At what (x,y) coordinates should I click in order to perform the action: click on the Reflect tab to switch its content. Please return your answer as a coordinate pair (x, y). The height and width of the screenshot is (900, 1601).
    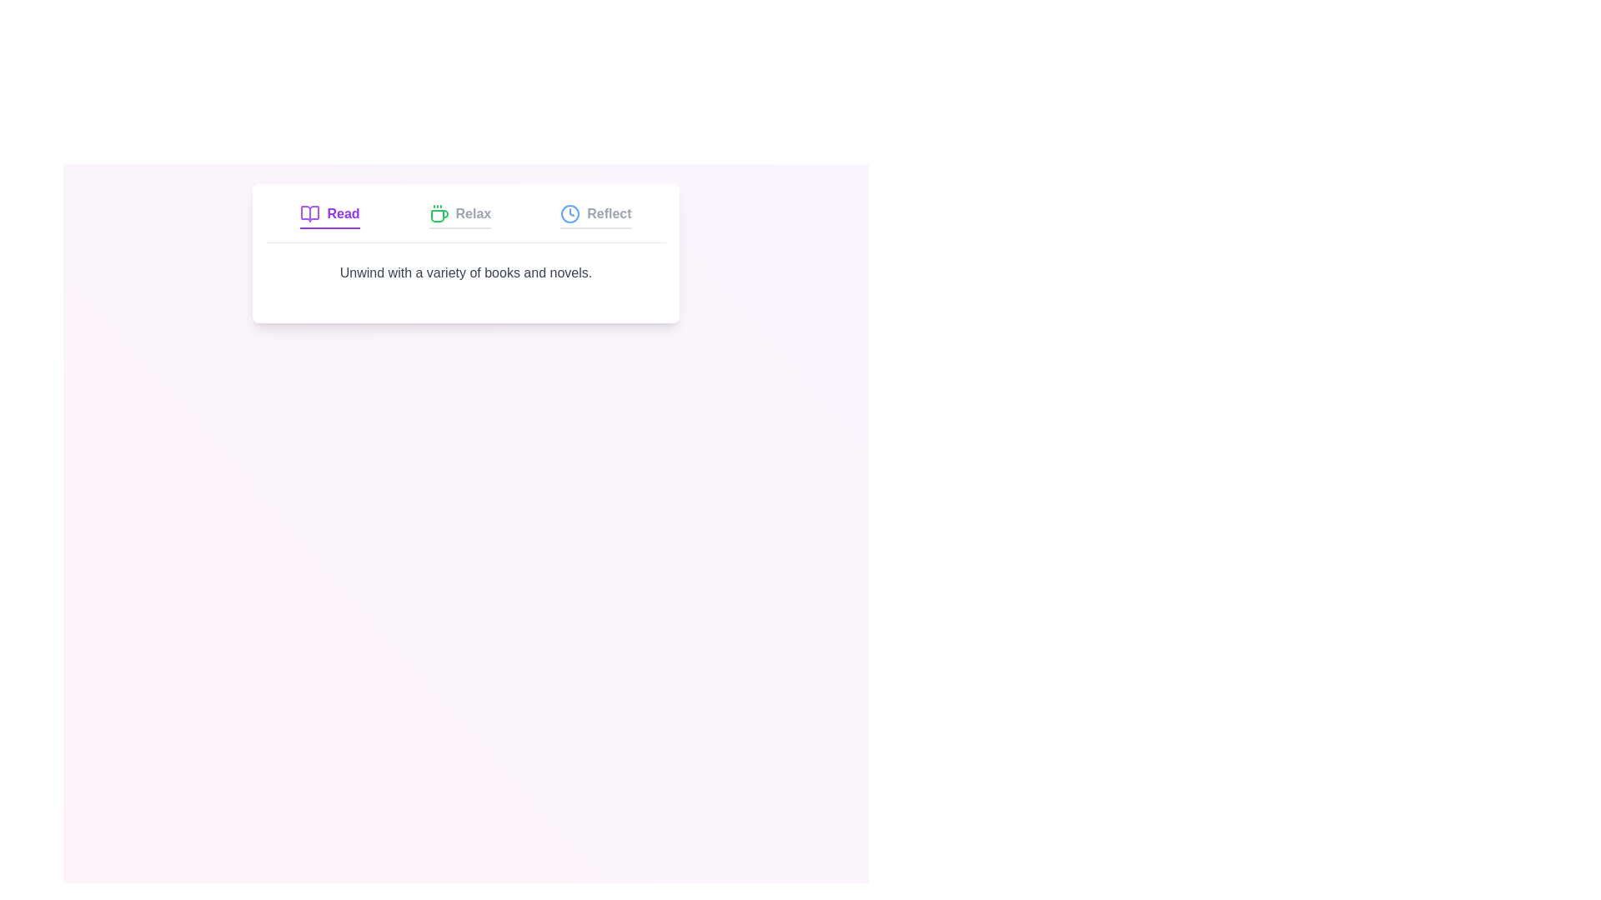
    Looking at the image, I should click on (595, 215).